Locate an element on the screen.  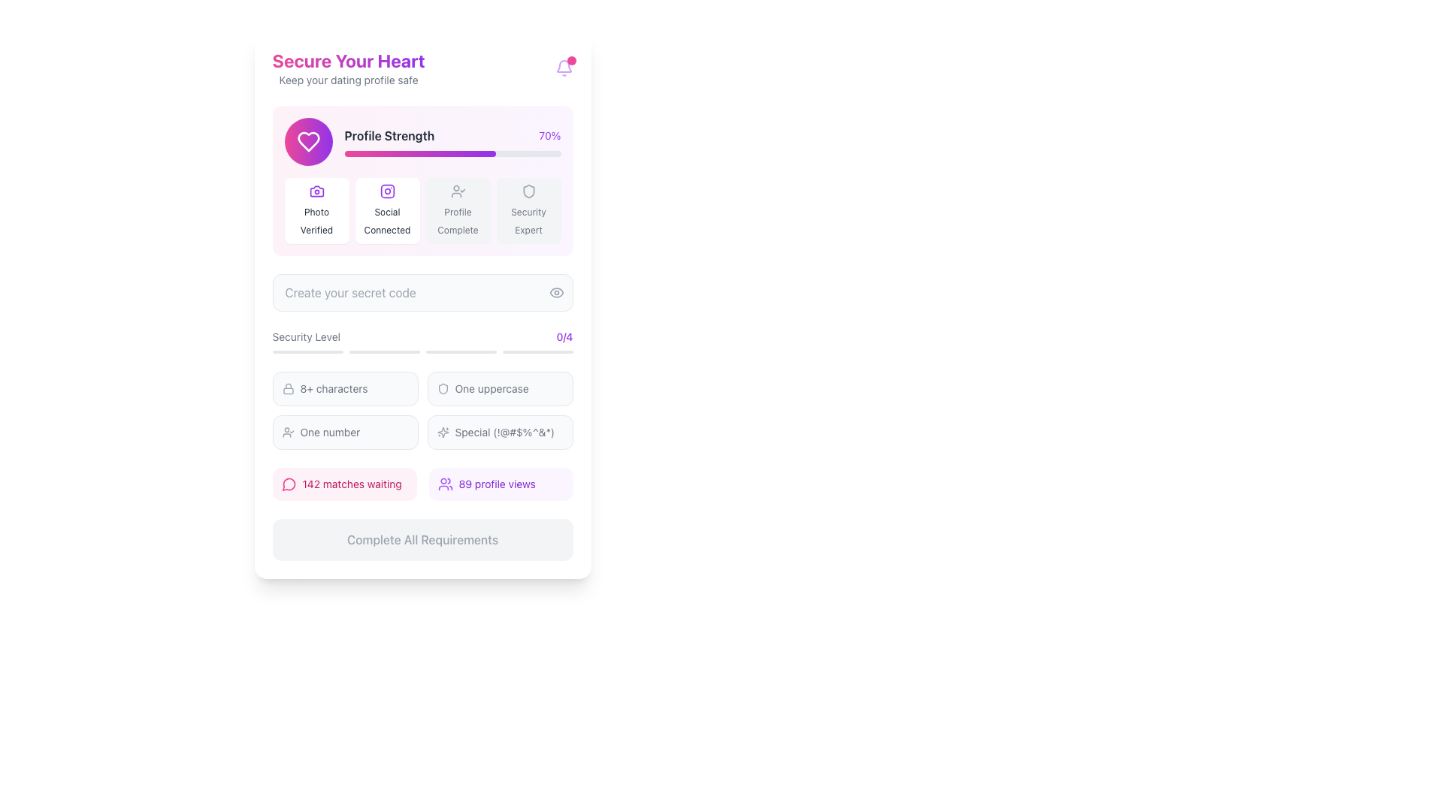
the progress bar that visually represents the completion status of a profile's strength, located in the 'Profile Strength' section below the text 'Profile Strength' and the percentage '70%.' is located at coordinates (452, 153).